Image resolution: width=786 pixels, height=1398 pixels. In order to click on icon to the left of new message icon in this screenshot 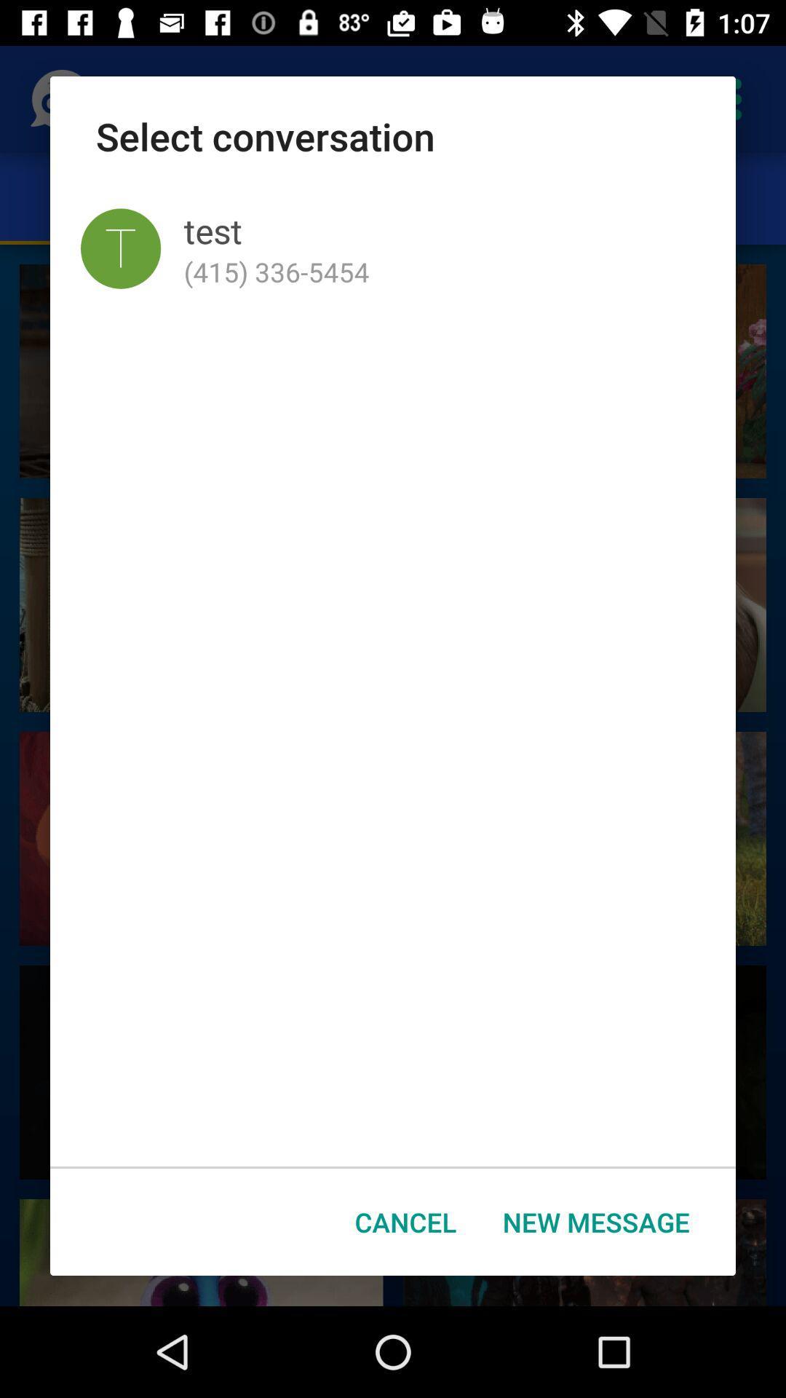, I will do `click(405, 1222)`.